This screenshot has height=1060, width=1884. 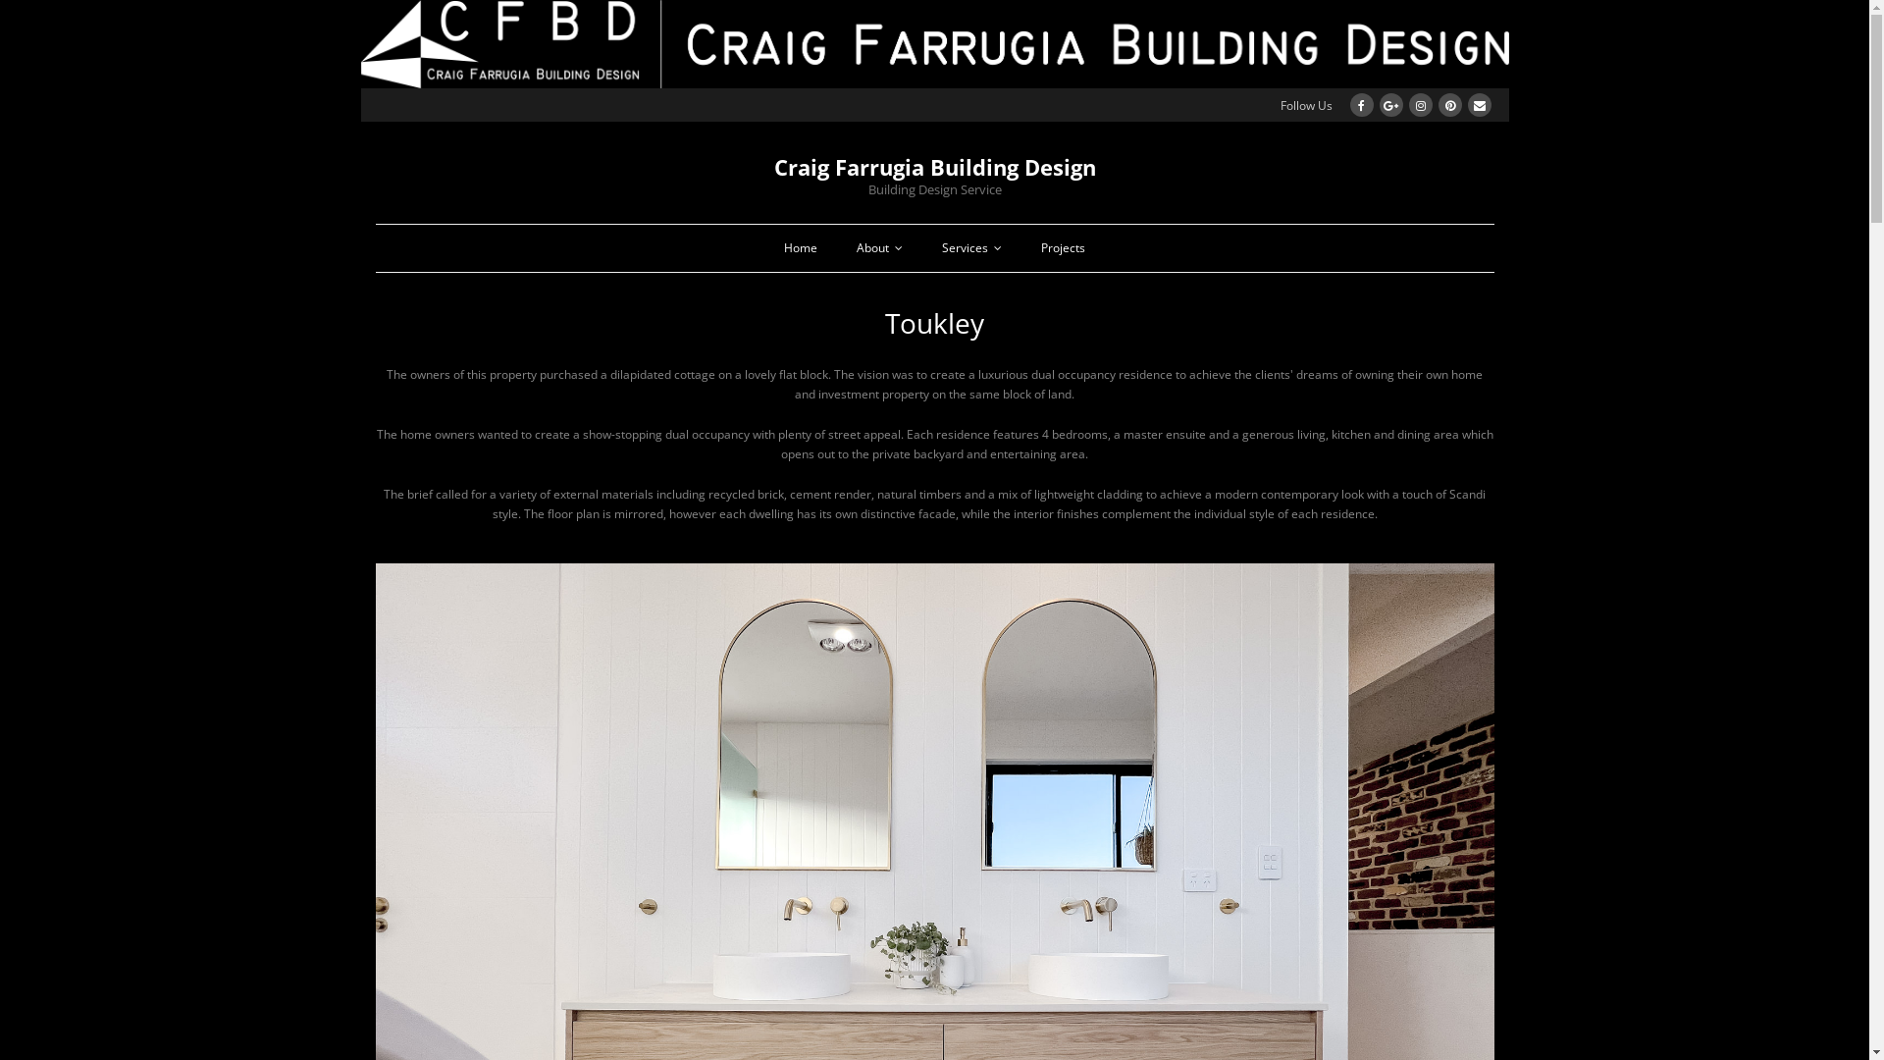 I want to click on 'About', so click(x=878, y=247).